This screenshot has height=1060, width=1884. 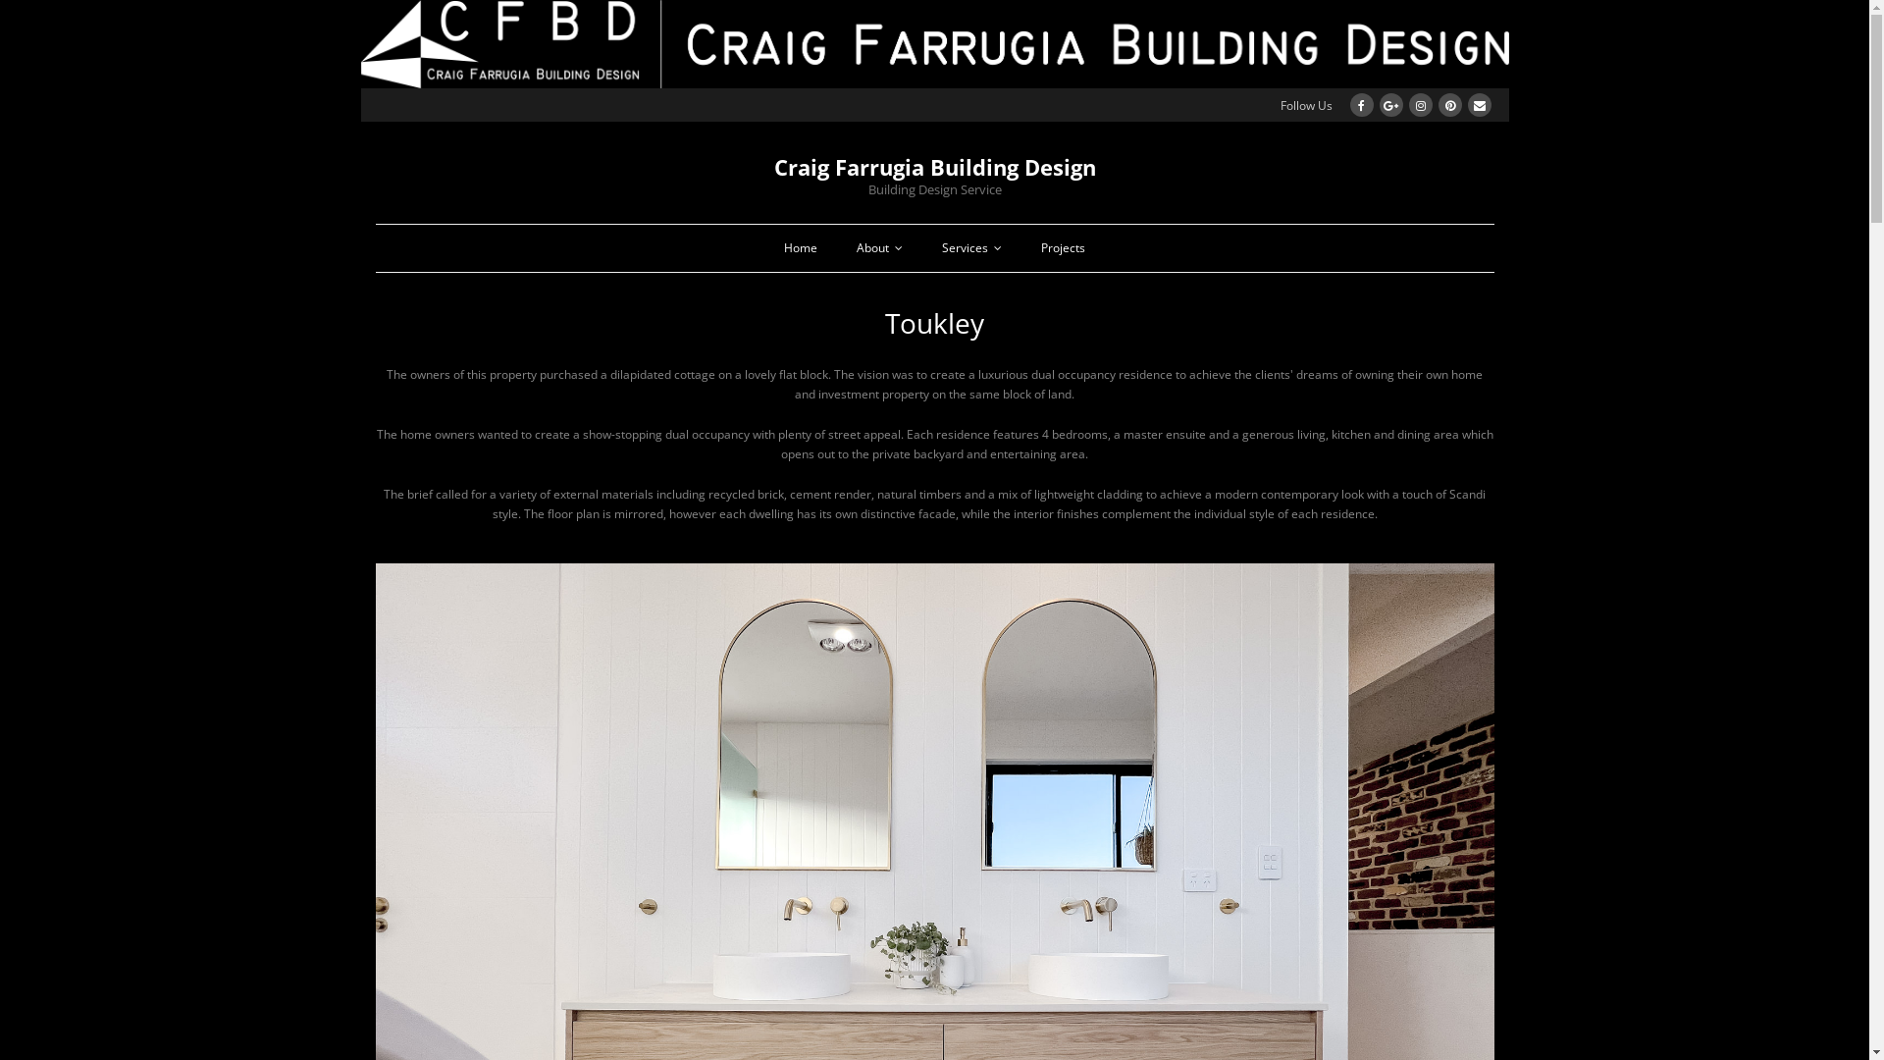 I want to click on 'About', so click(x=878, y=247).